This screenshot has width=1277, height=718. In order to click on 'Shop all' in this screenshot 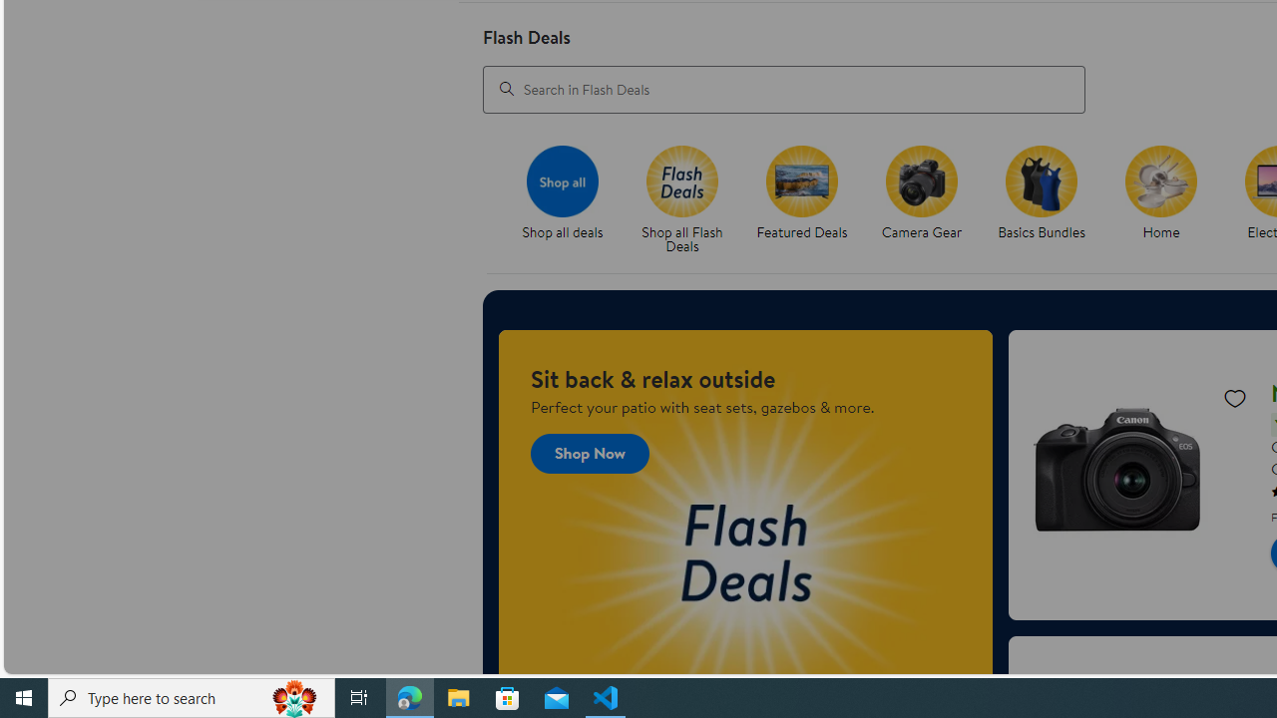, I will do `click(561, 180)`.